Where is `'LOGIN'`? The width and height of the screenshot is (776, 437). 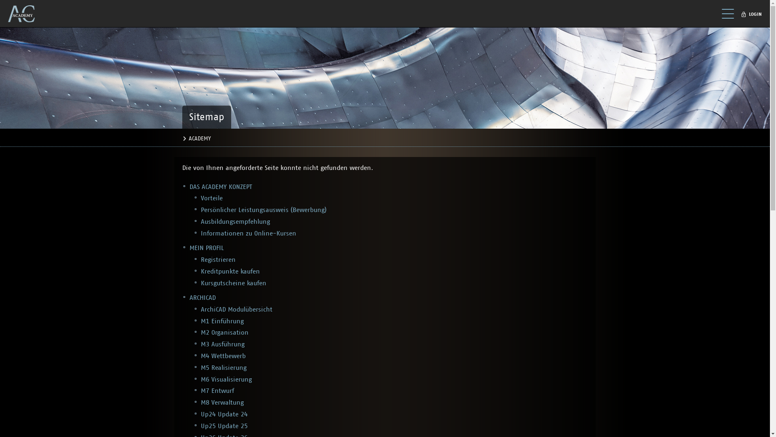
'LOGIN' is located at coordinates (753, 14).